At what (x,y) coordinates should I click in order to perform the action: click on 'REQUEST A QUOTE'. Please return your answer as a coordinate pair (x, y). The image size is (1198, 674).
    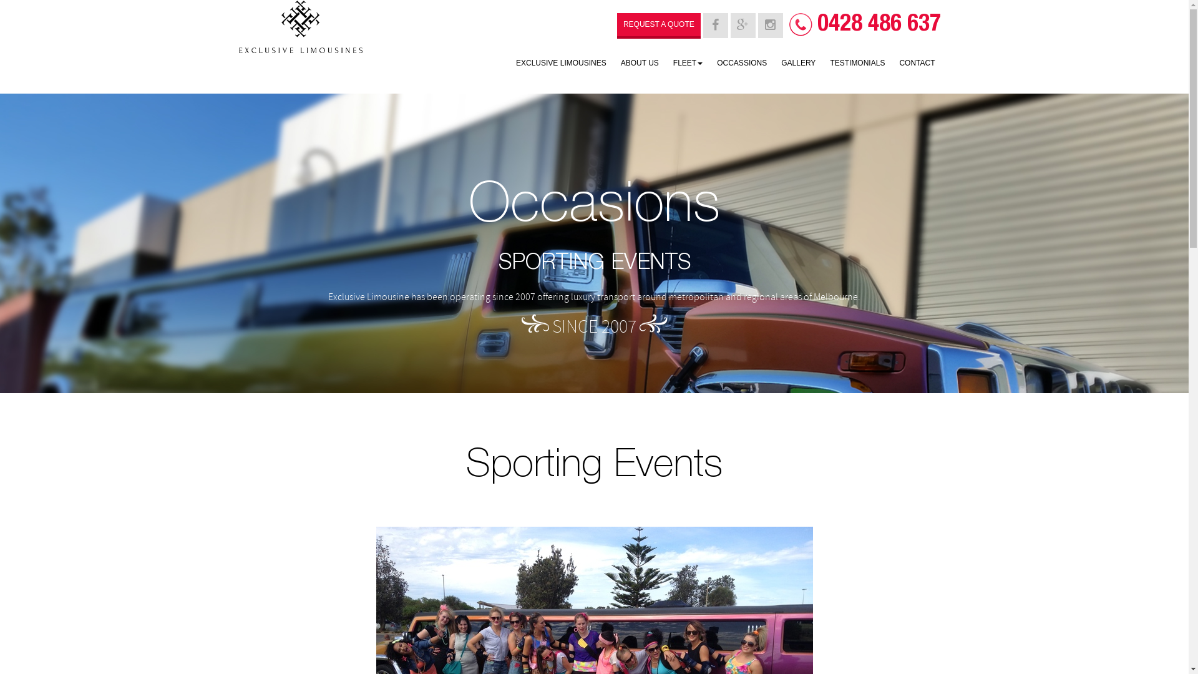
    Looking at the image, I should click on (616, 26).